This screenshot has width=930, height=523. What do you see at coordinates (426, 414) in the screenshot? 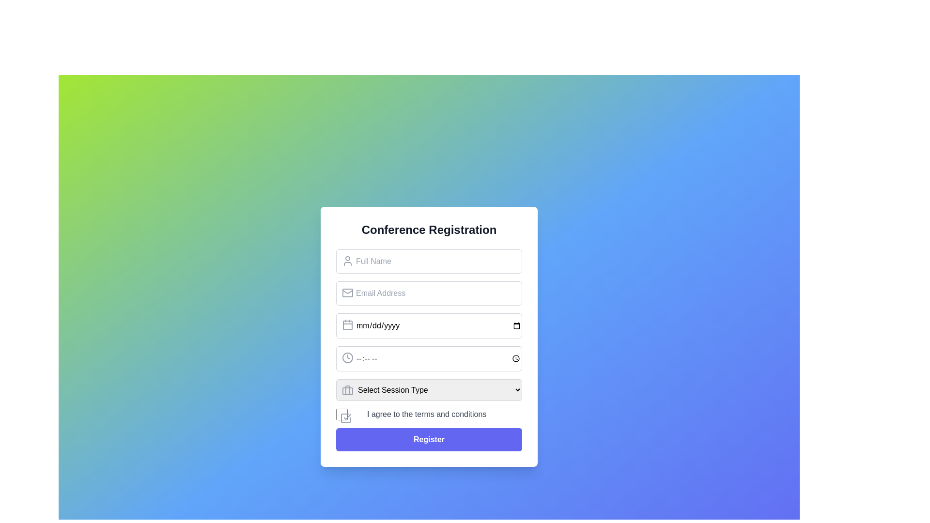
I see `the text label displaying 'I agree to the terms and conditions', which is aligned to the right of the 'agreement' checkbox, located below the 'Select Session Type' dropdown and above the 'Register' button` at bounding box center [426, 414].